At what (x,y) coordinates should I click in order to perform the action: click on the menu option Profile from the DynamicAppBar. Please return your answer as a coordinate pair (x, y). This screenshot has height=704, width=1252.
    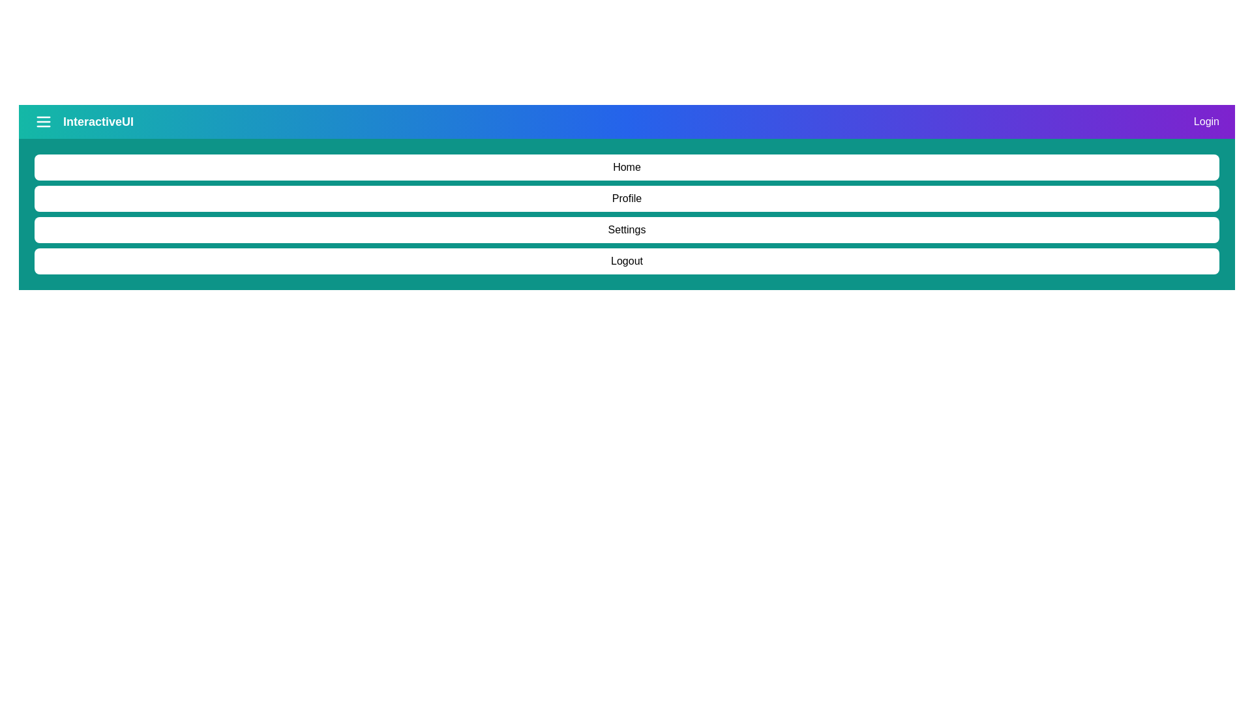
    Looking at the image, I should click on (627, 198).